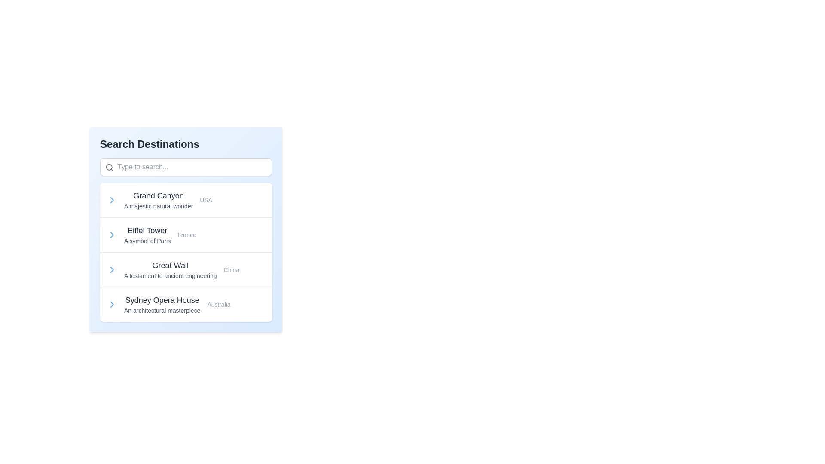  Describe the element at coordinates (111, 269) in the screenshot. I see `the chevron icon next to the 'Great Wall' text` at that location.